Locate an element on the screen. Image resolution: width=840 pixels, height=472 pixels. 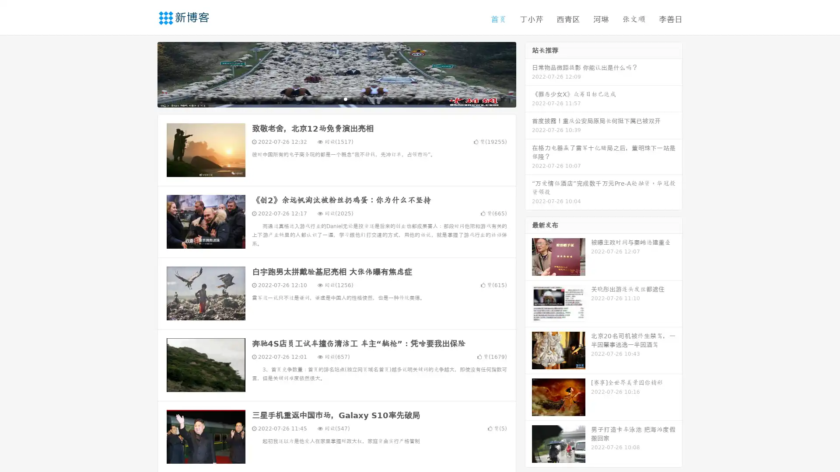
Go to slide 1 is located at coordinates (327, 98).